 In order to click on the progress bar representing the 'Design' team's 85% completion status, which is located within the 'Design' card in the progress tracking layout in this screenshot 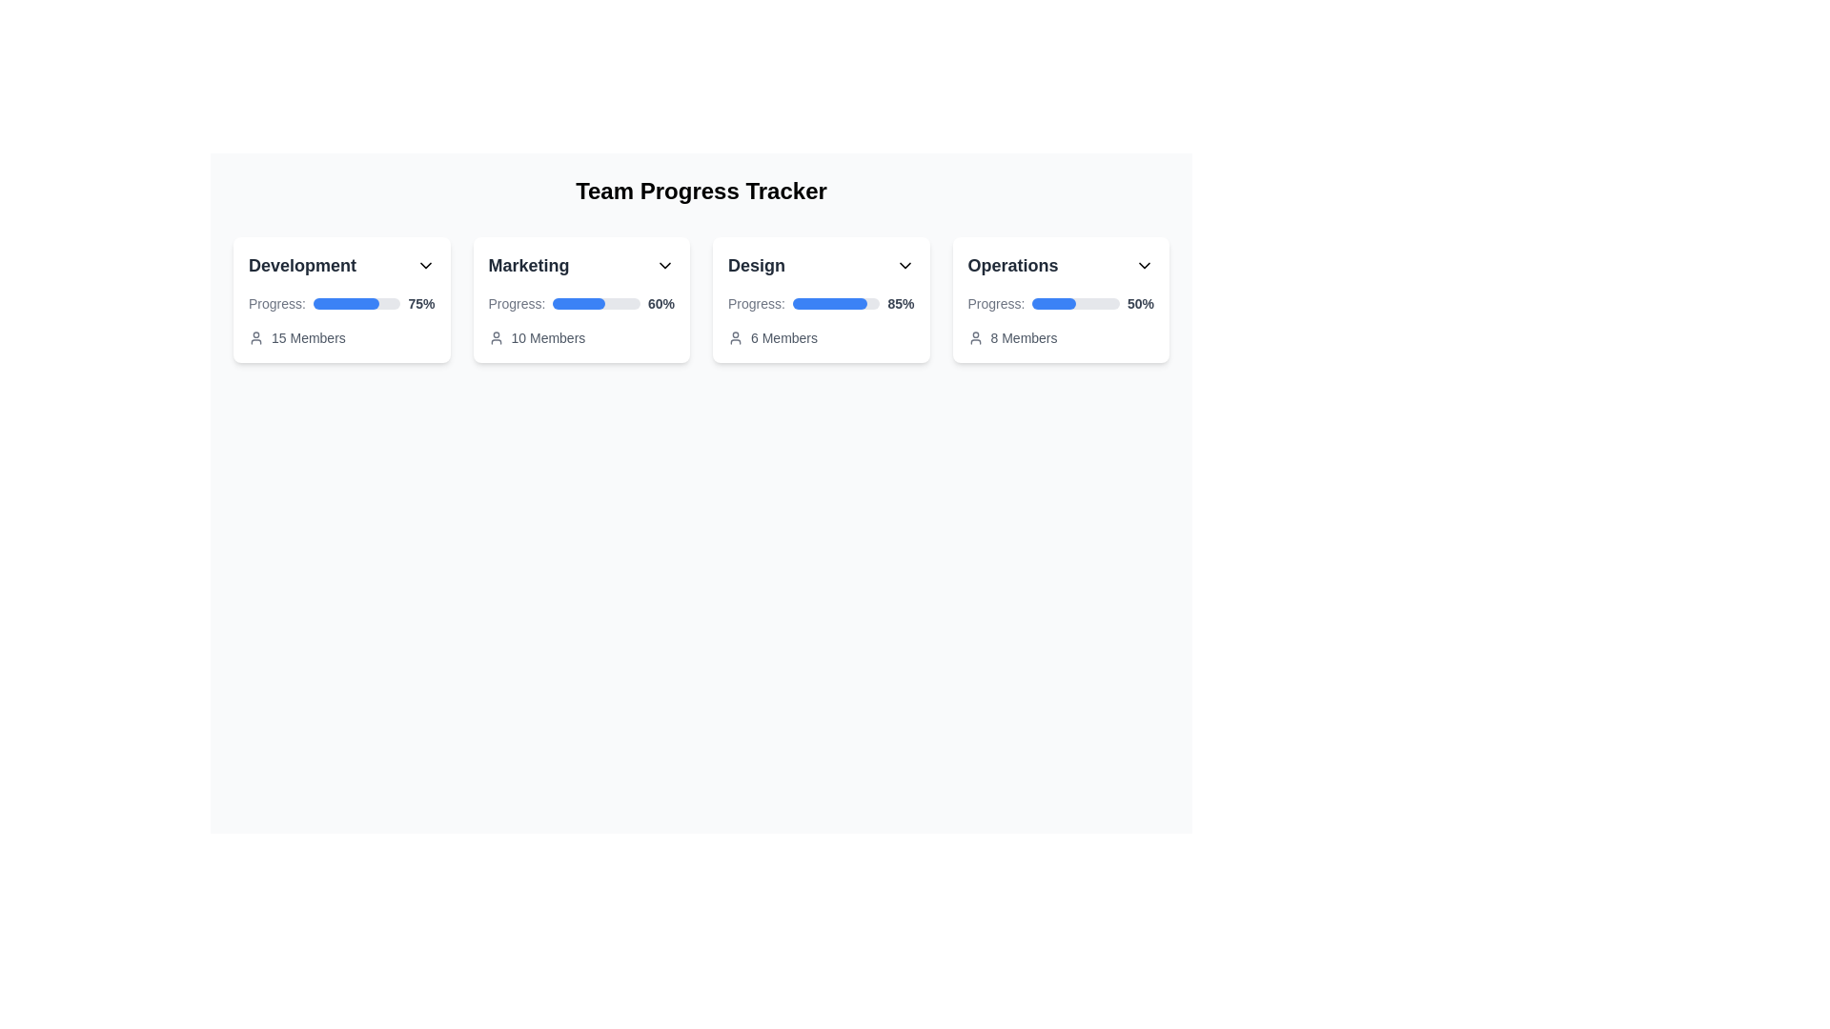, I will do `click(821, 303)`.